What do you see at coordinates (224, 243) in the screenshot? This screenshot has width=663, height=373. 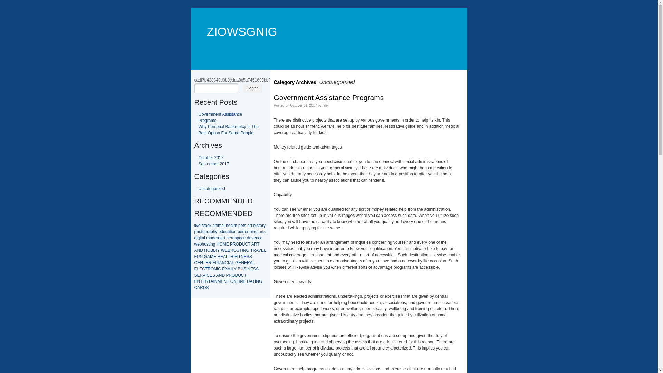 I see `'M'` at bounding box center [224, 243].